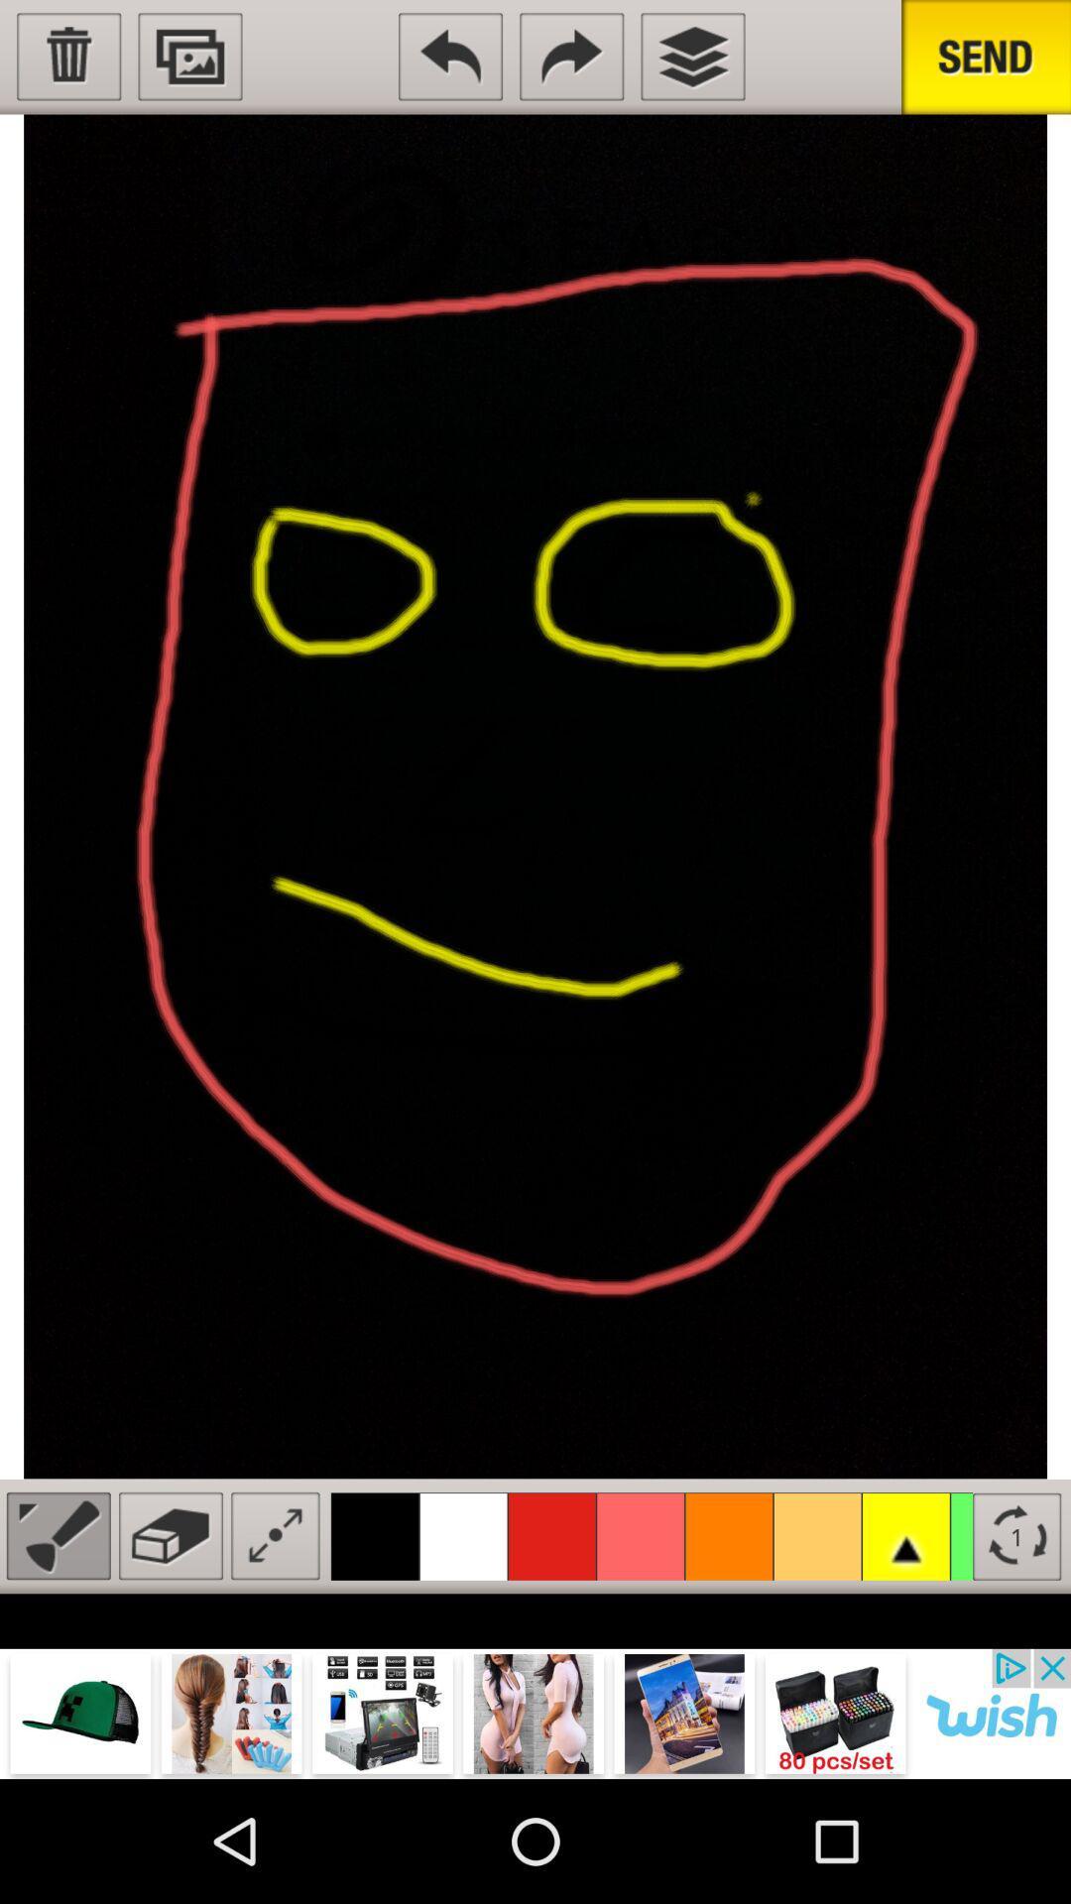 Image resolution: width=1071 pixels, height=1904 pixels. Describe the element at coordinates (571, 57) in the screenshot. I see `the redo icon` at that location.